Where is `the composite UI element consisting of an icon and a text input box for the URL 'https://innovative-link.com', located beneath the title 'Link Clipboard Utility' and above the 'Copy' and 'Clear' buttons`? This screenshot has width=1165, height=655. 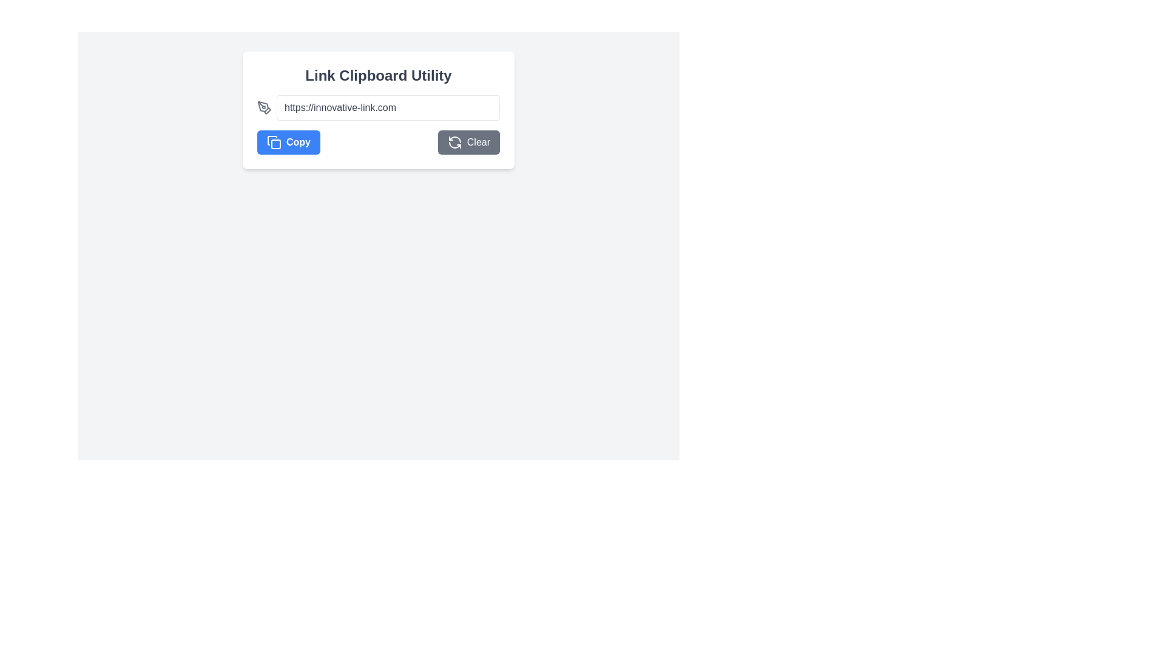 the composite UI element consisting of an icon and a text input box for the URL 'https://innovative-link.com', located beneath the title 'Link Clipboard Utility' and above the 'Copy' and 'Clear' buttons is located at coordinates (378, 107).